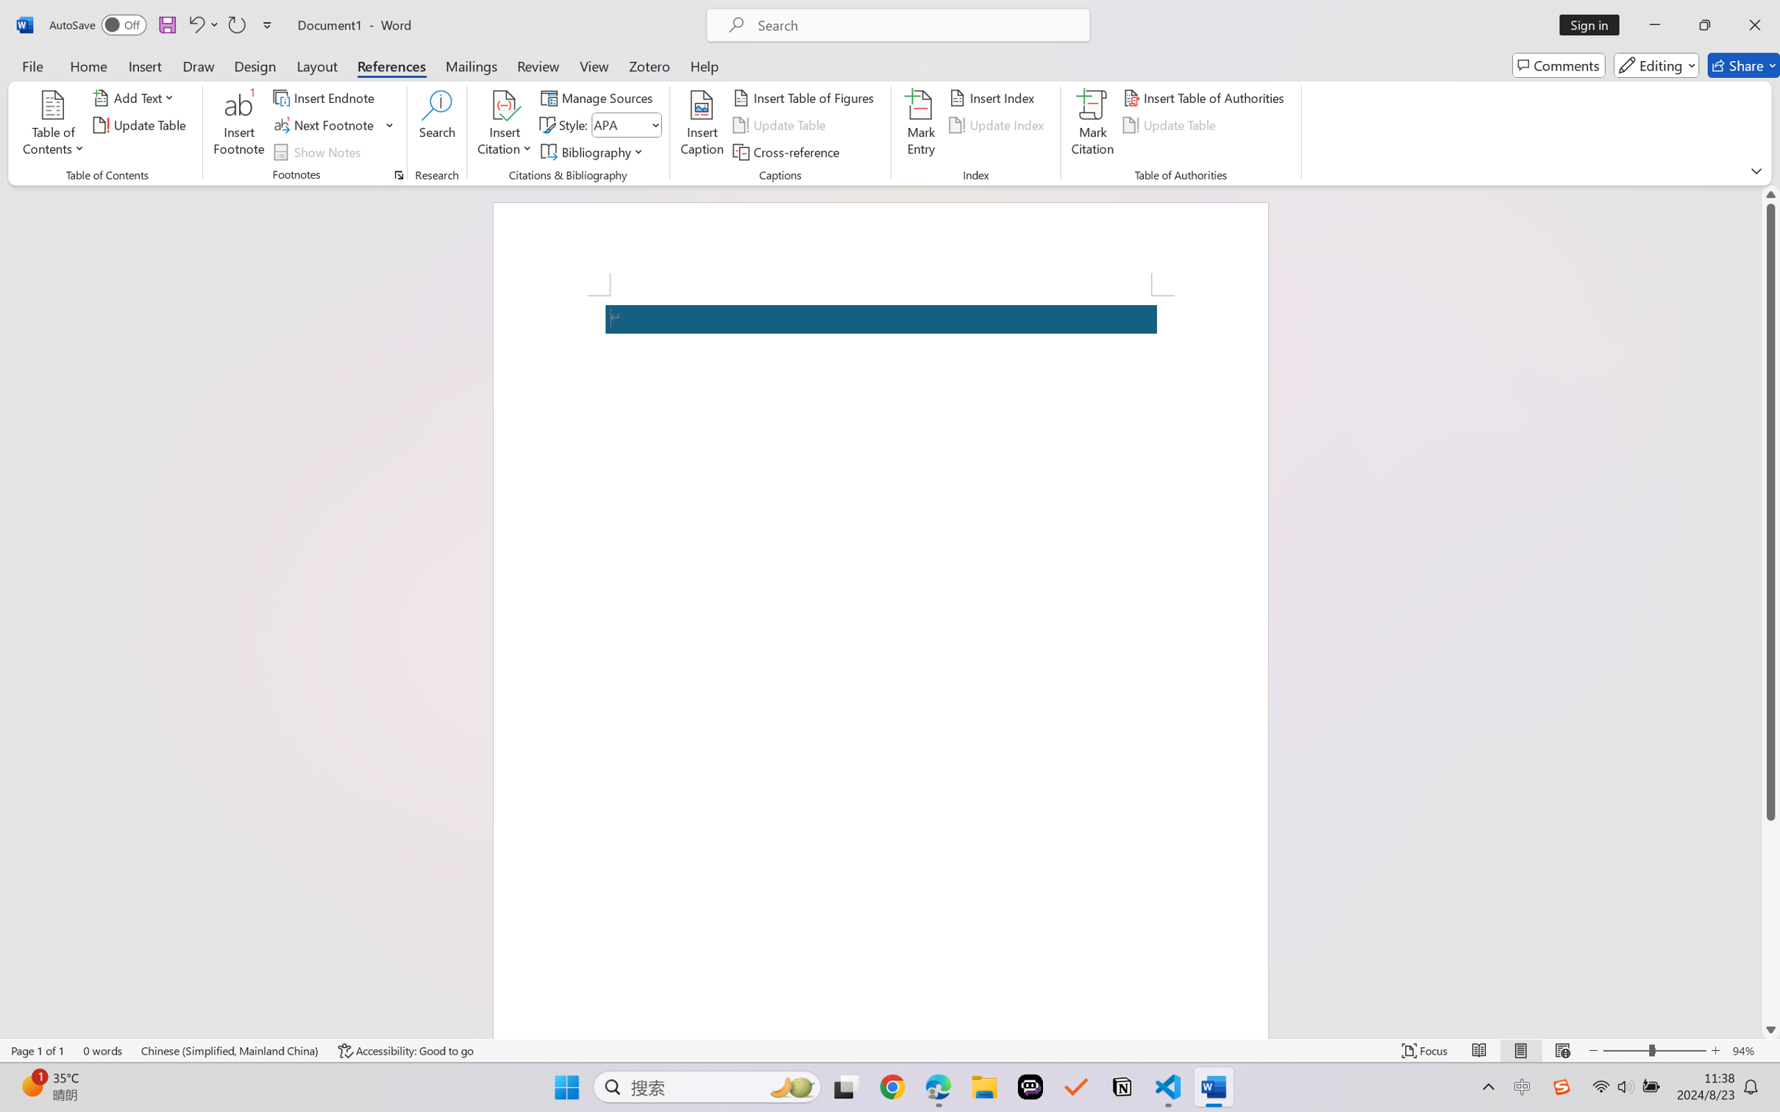 This screenshot has width=1780, height=1112. What do you see at coordinates (235, 24) in the screenshot?
I see `'Repeat Accessibility Checker'` at bounding box center [235, 24].